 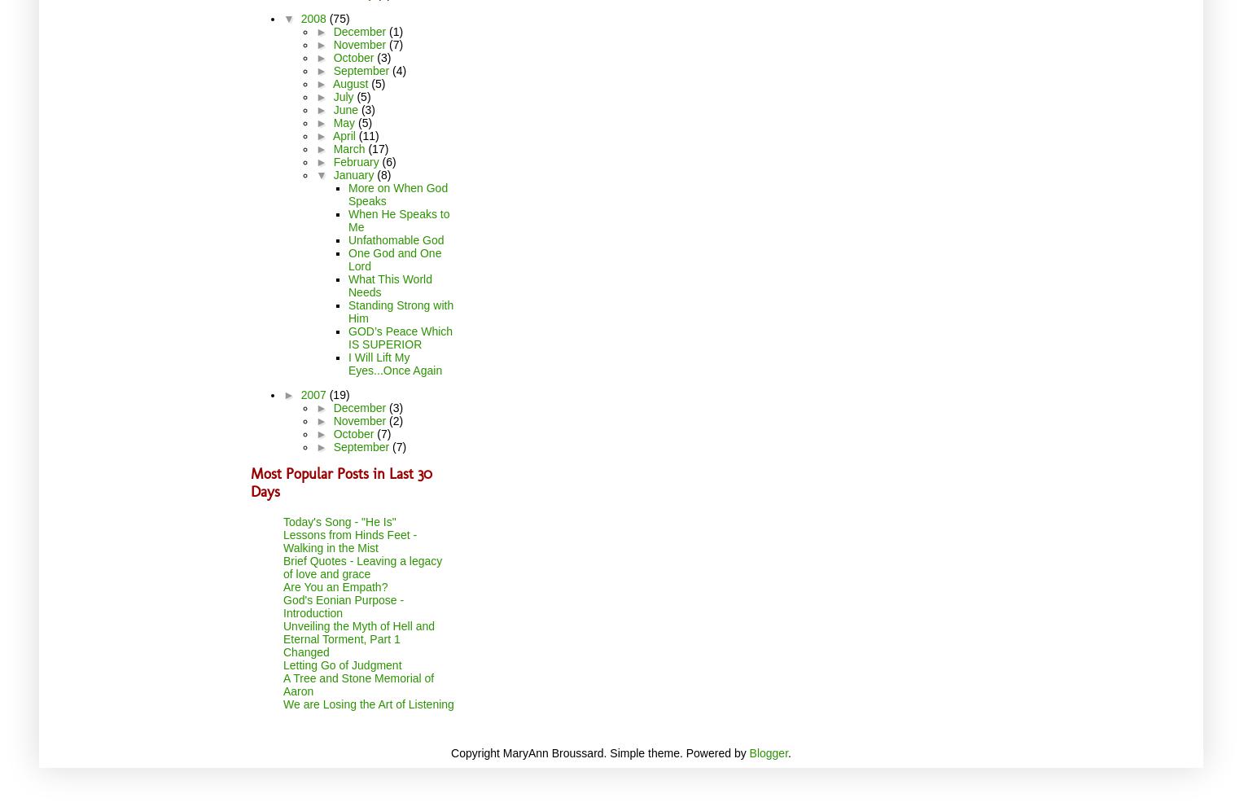 What do you see at coordinates (395, 239) in the screenshot?
I see `'Unfathomable God'` at bounding box center [395, 239].